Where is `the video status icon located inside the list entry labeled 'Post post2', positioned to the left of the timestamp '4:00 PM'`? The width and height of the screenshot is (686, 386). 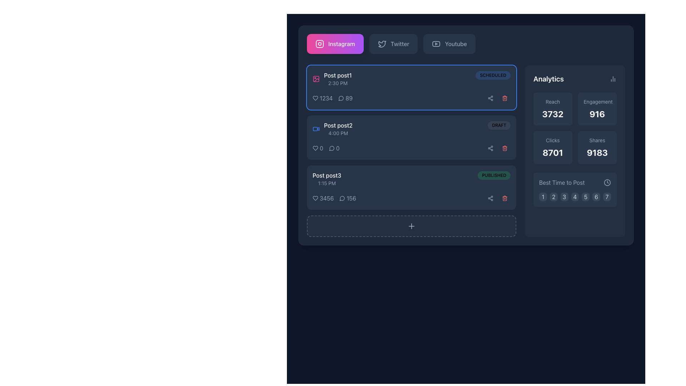 the video status icon located inside the list entry labeled 'Post post2', positioned to the left of the timestamp '4:00 PM' is located at coordinates (315, 129).